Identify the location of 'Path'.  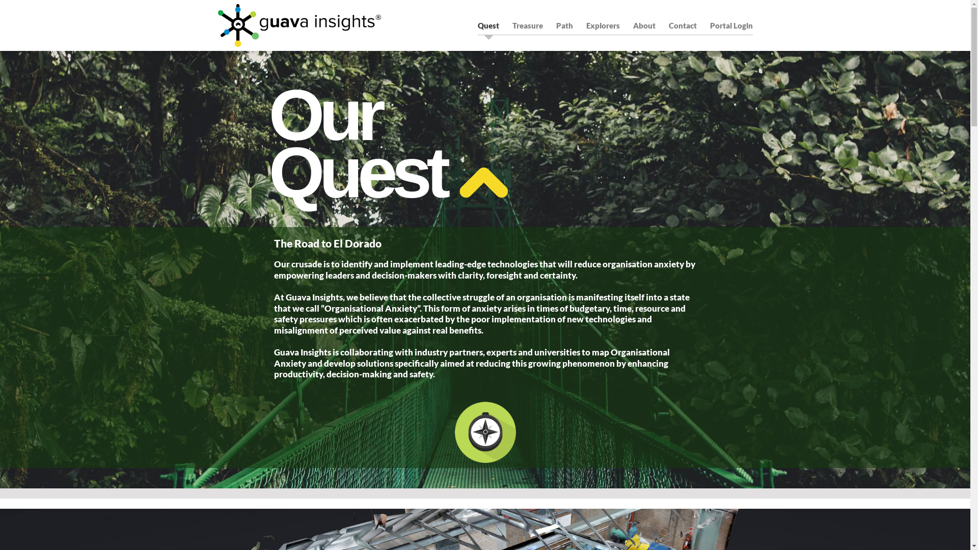
(564, 25).